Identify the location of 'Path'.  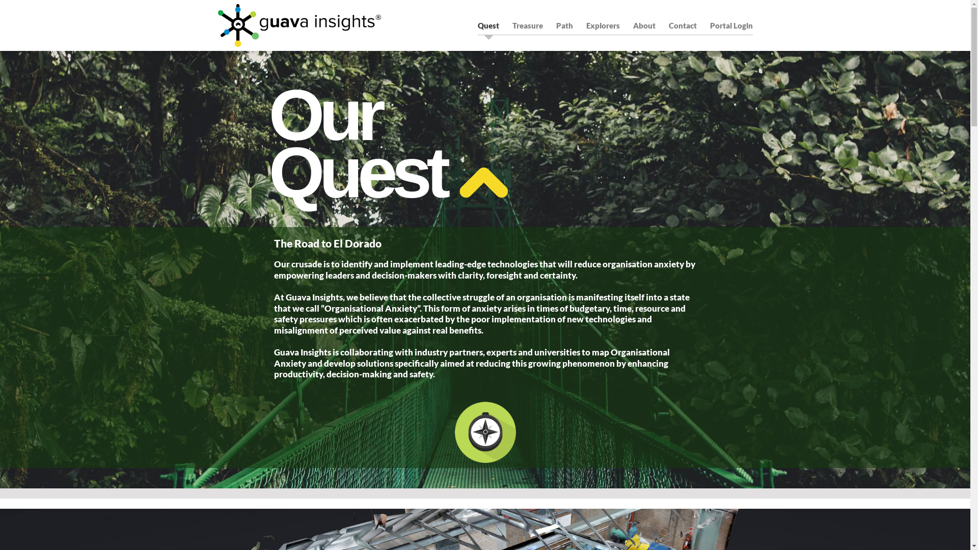
(564, 25).